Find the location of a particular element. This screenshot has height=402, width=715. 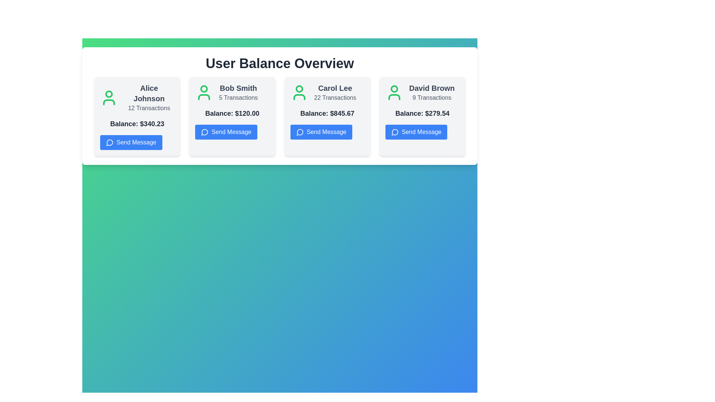

the Text label displaying the user's balance, which is located beneath the user's name ('Bob Smith') and transaction count ('5 Transactions') within the second user profile card is located at coordinates (232, 113).